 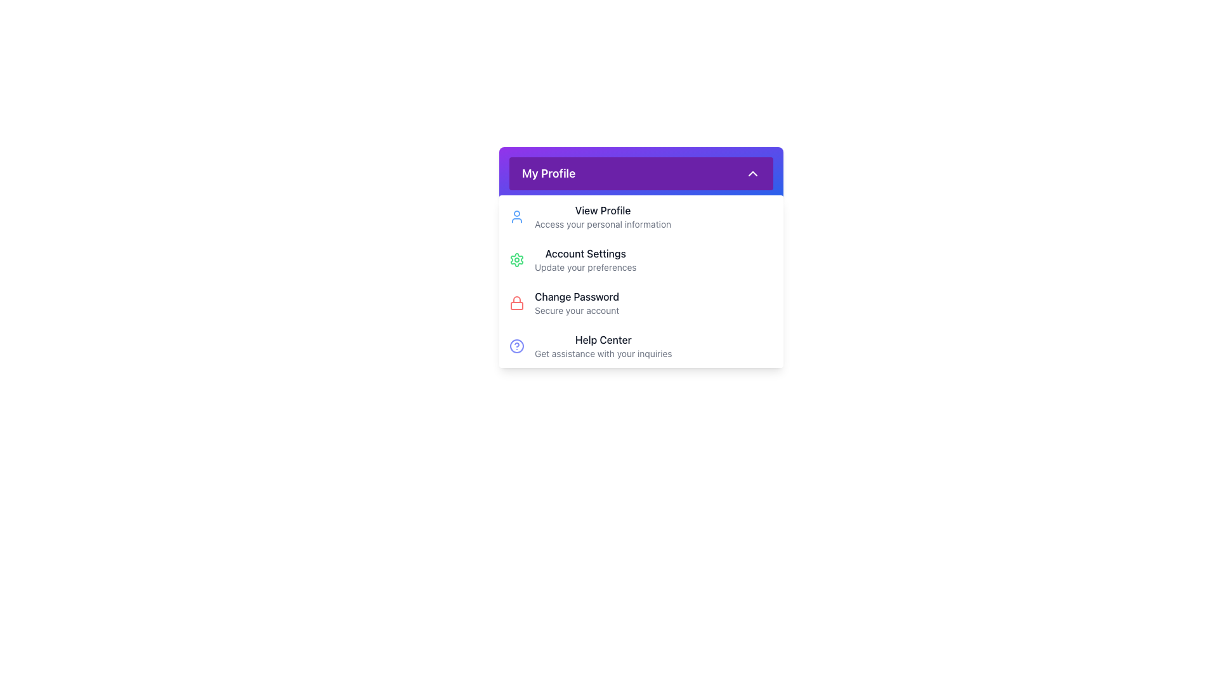 What do you see at coordinates (576, 296) in the screenshot?
I see `the 'Change Password' text label, which serves as a title for updating the user's password, located within the 'My Profile' section and aligned with a lock icon` at bounding box center [576, 296].